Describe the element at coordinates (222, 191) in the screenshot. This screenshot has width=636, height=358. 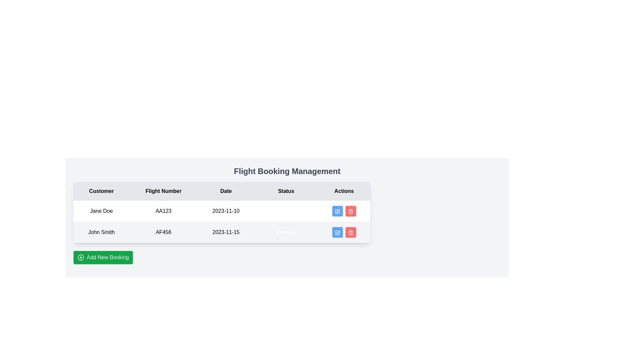
I see `text of the 'Date' column header in the 'Flight Booking Management' table, which is the third header in the top row, following 'Customer' and 'Flight Number'` at that location.